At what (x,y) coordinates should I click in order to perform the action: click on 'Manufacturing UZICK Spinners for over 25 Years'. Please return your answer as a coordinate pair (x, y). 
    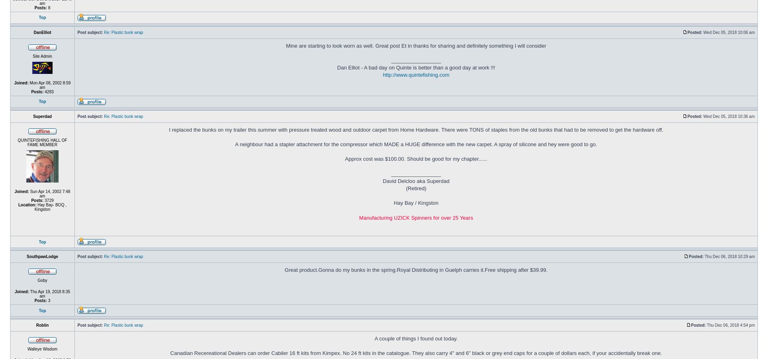
    Looking at the image, I should click on (416, 217).